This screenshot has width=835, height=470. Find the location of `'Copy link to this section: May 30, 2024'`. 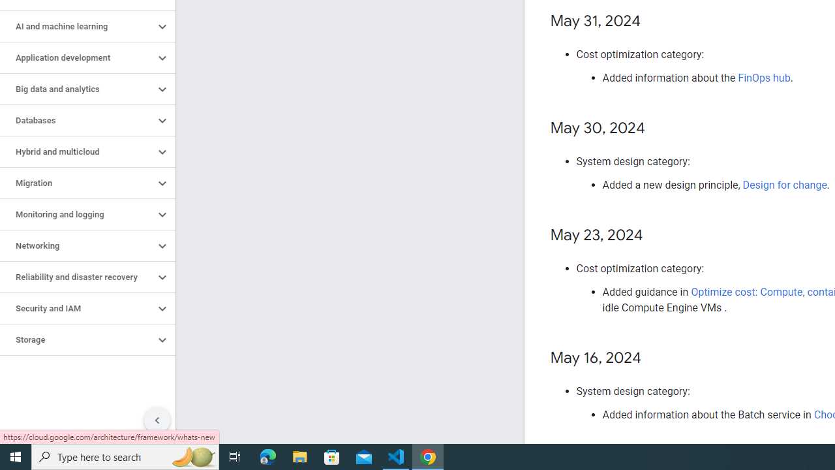

'Copy link to this section: May 30, 2024' is located at coordinates (658, 129).